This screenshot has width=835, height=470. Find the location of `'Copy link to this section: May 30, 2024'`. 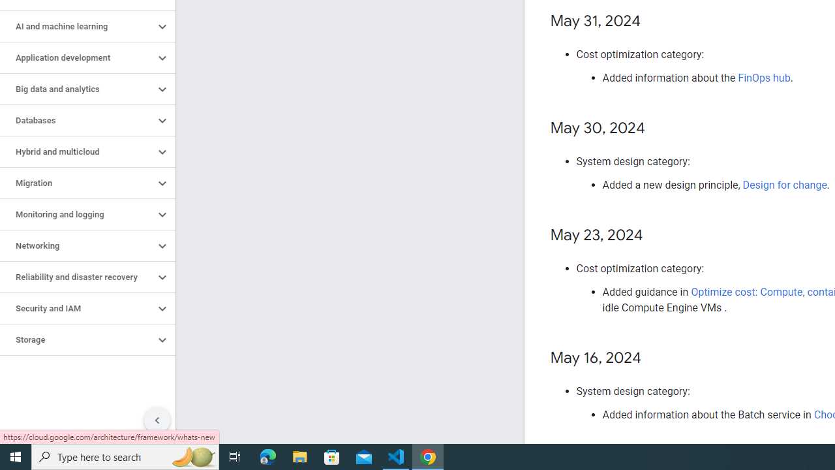

'Copy link to this section: May 30, 2024' is located at coordinates (658, 129).